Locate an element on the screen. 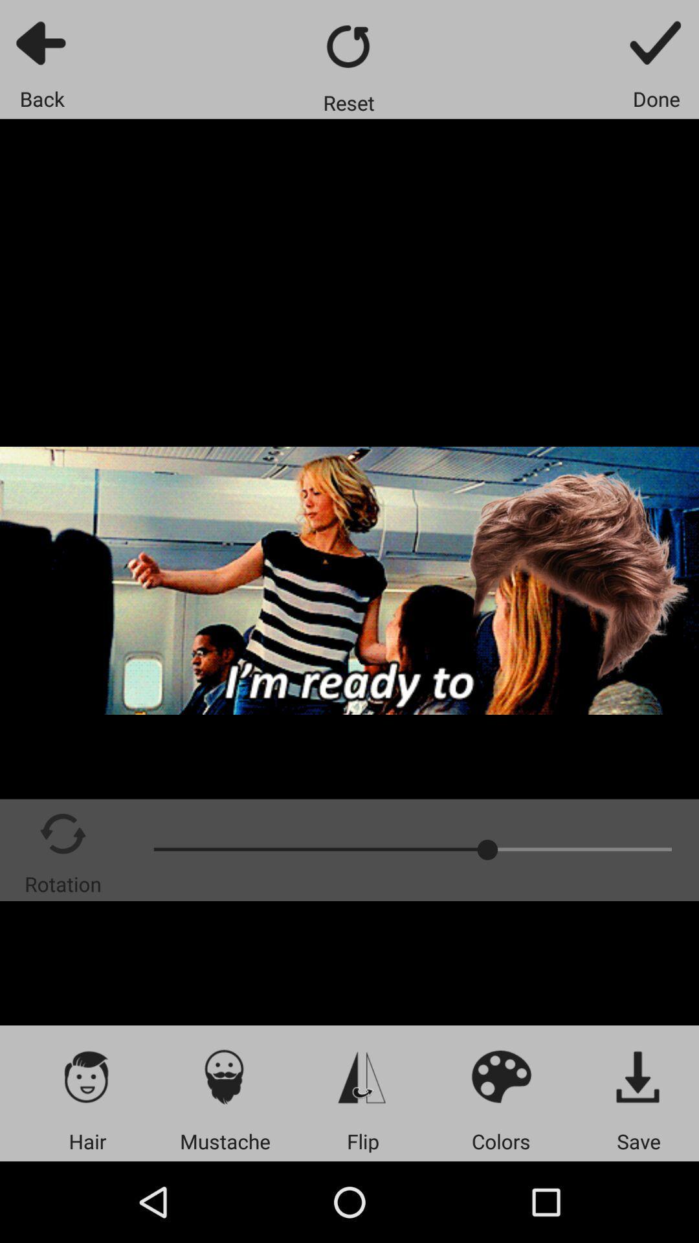 The width and height of the screenshot is (699, 1243). the item above the done is located at coordinates (656, 42).